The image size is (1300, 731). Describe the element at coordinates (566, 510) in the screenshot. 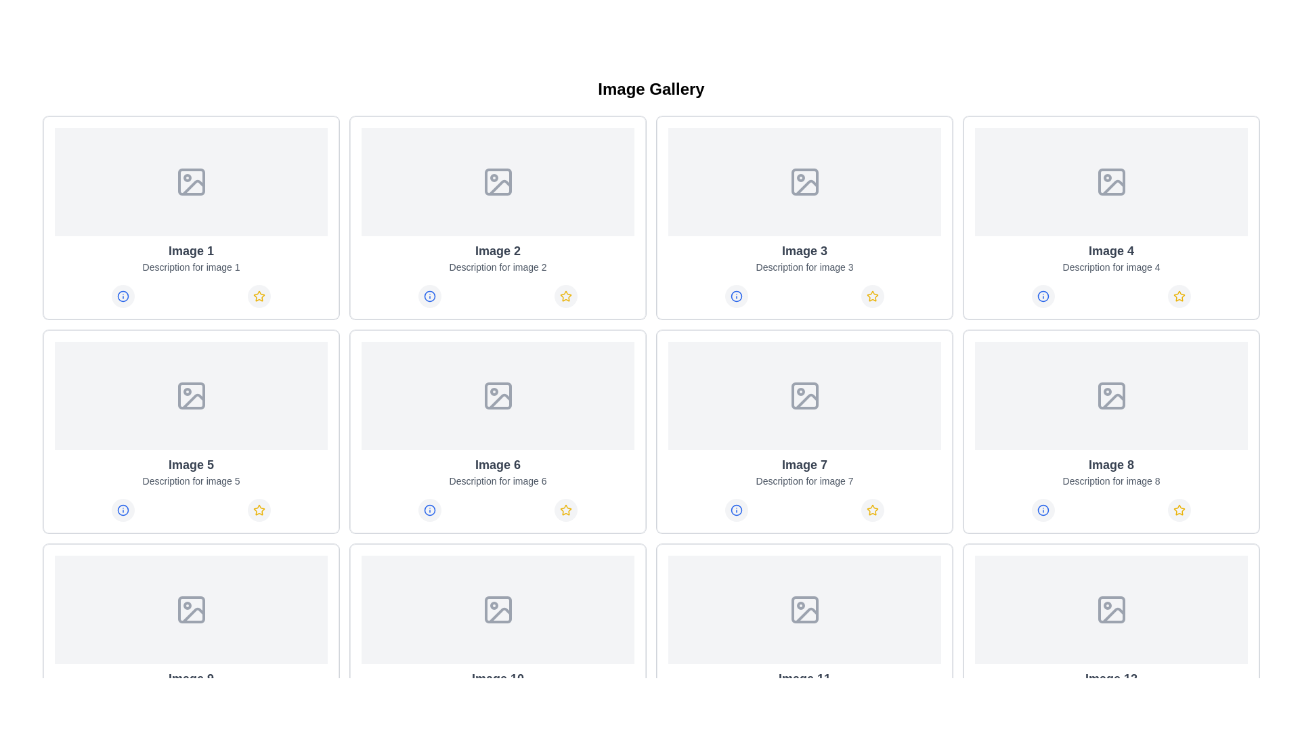

I see `the prominent yellow SVG star icon to favorite the associated image beneath the 'Image 6' card in the gallery` at that location.